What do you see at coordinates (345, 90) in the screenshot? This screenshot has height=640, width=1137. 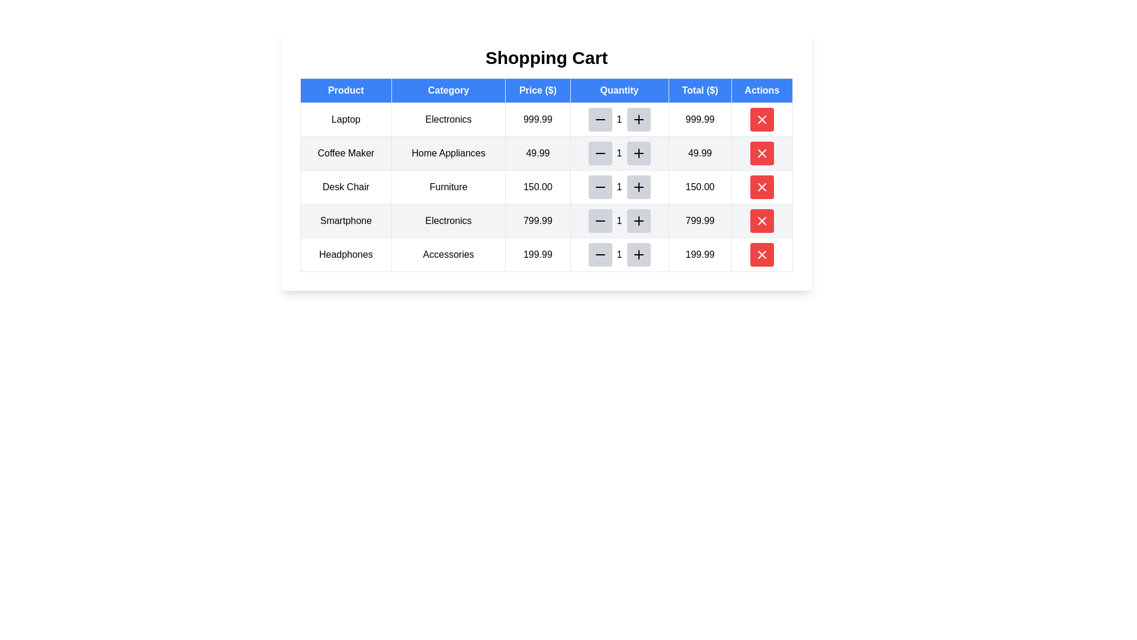 I see `the blue-bordered Table Header Cell containing the text 'Product', which is the first cell in a horizontal list of headers` at bounding box center [345, 90].